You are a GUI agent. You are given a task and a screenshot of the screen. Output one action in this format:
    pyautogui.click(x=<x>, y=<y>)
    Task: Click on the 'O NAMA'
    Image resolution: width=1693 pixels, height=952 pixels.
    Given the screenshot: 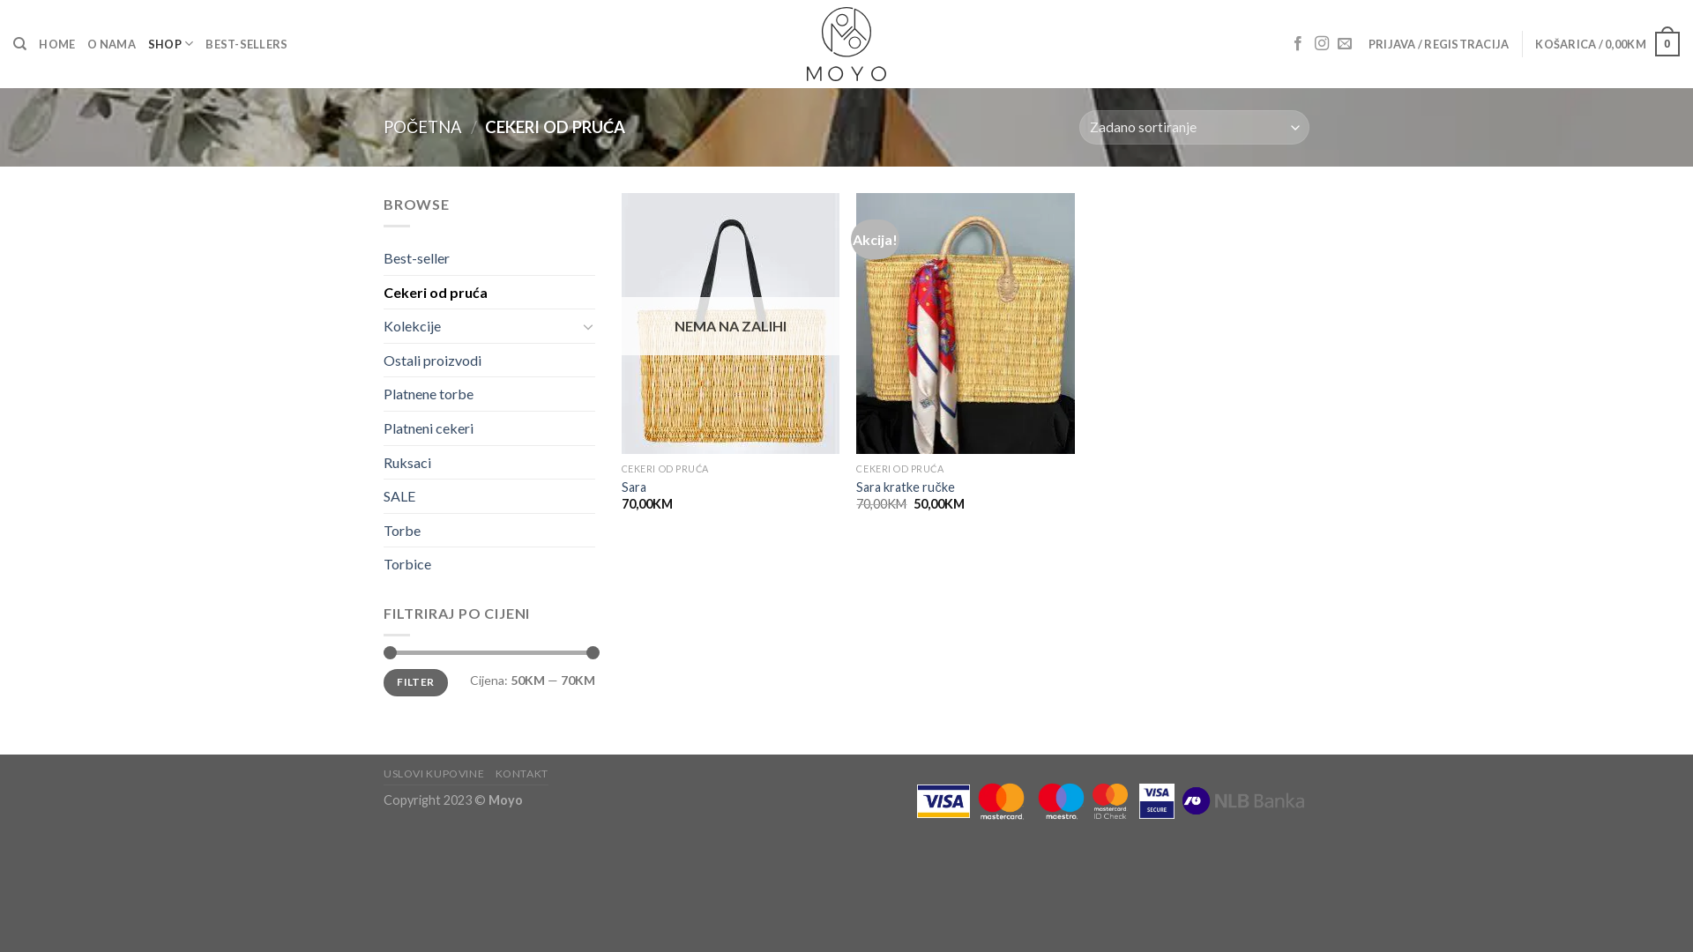 What is the action you would take?
    pyautogui.click(x=110, y=43)
    